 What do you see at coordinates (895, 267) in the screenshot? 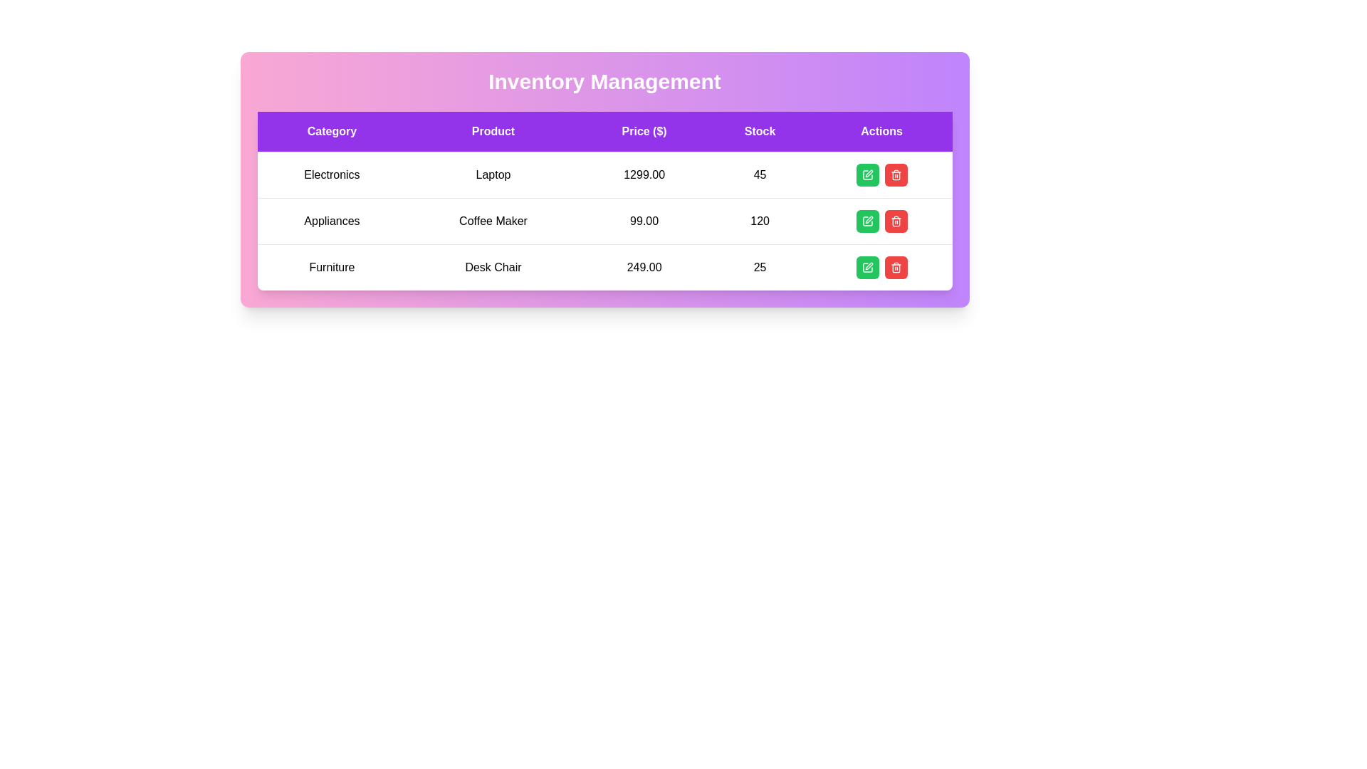
I see `the trash bin icon button with a red background in the 'Actions' column of the third row of the 'Inventory Management' table` at bounding box center [895, 267].